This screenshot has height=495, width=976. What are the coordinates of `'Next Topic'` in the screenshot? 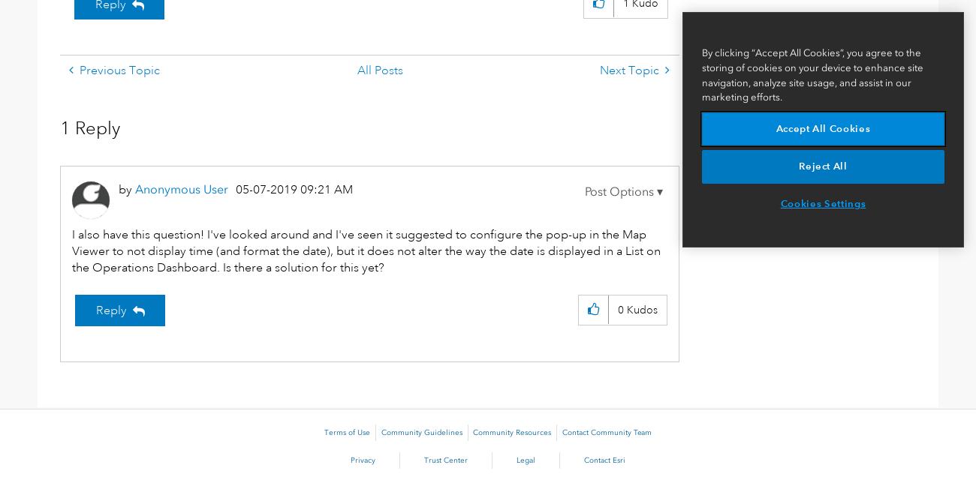 It's located at (629, 69).